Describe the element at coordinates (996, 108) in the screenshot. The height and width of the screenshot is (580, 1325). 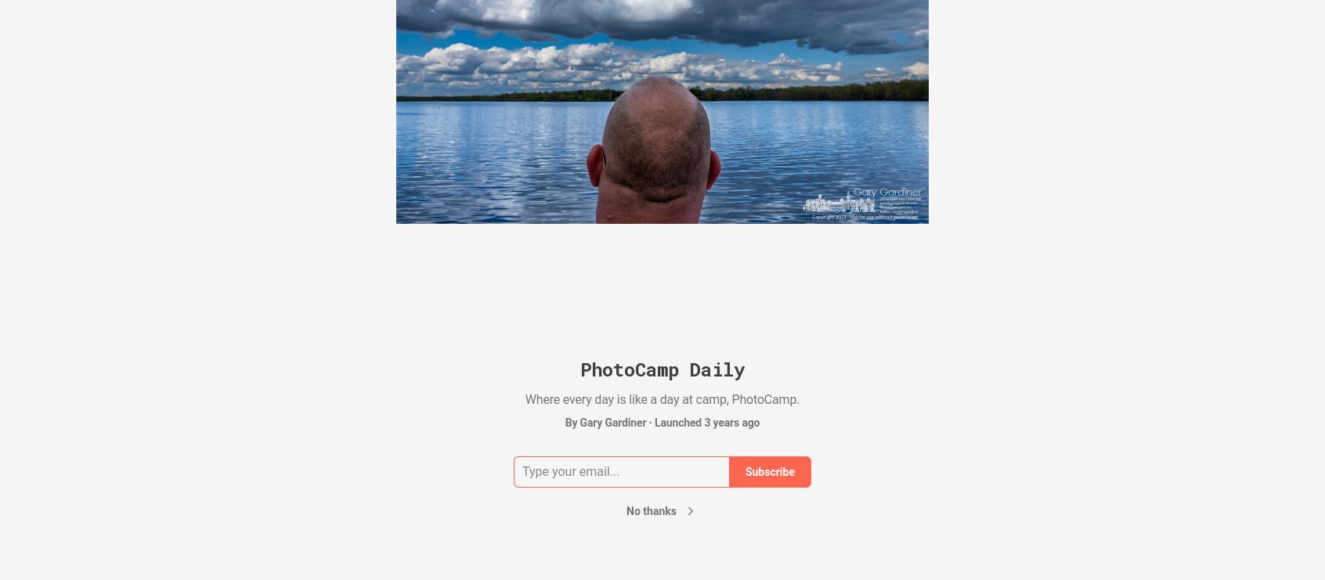
I see `'Rob Walker'` at that location.